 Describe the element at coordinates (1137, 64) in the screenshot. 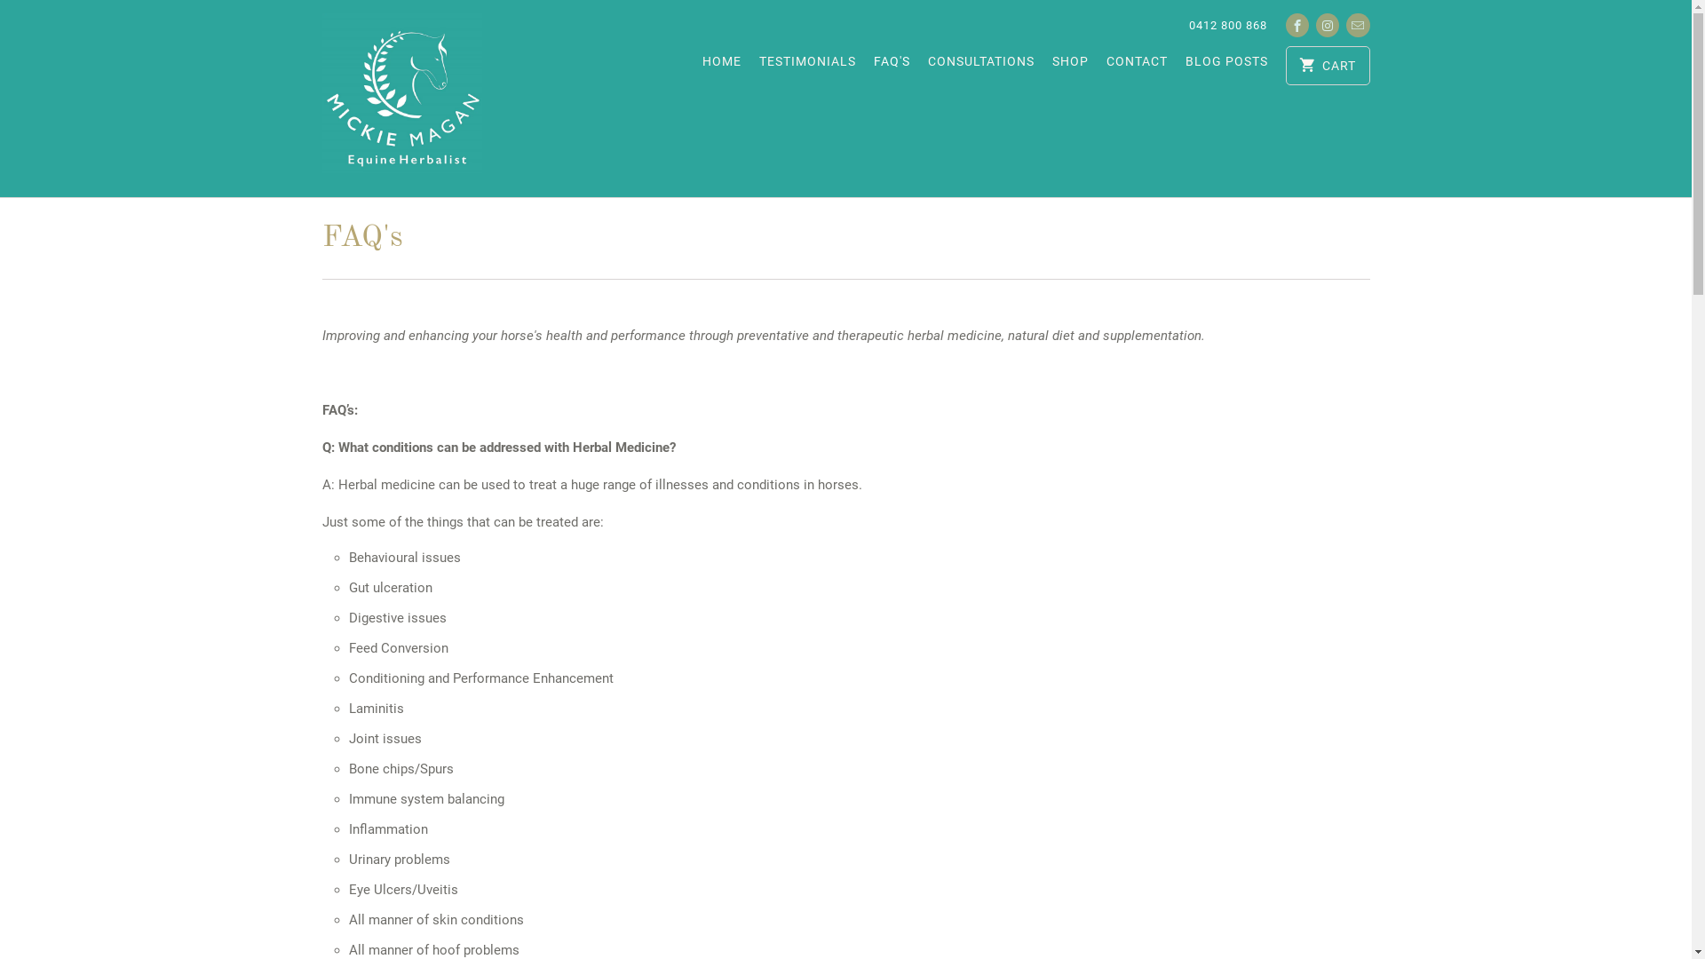

I see `'CONTACT'` at that location.